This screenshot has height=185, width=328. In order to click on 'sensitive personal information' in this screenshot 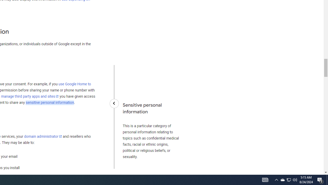, I will do `click(50, 103)`.